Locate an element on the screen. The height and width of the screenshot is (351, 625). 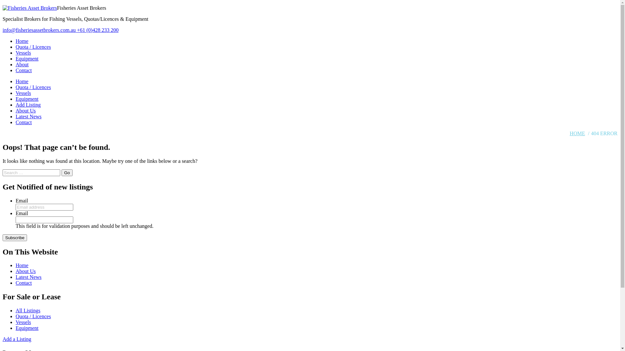
'Vessels' is located at coordinates (16, 52).